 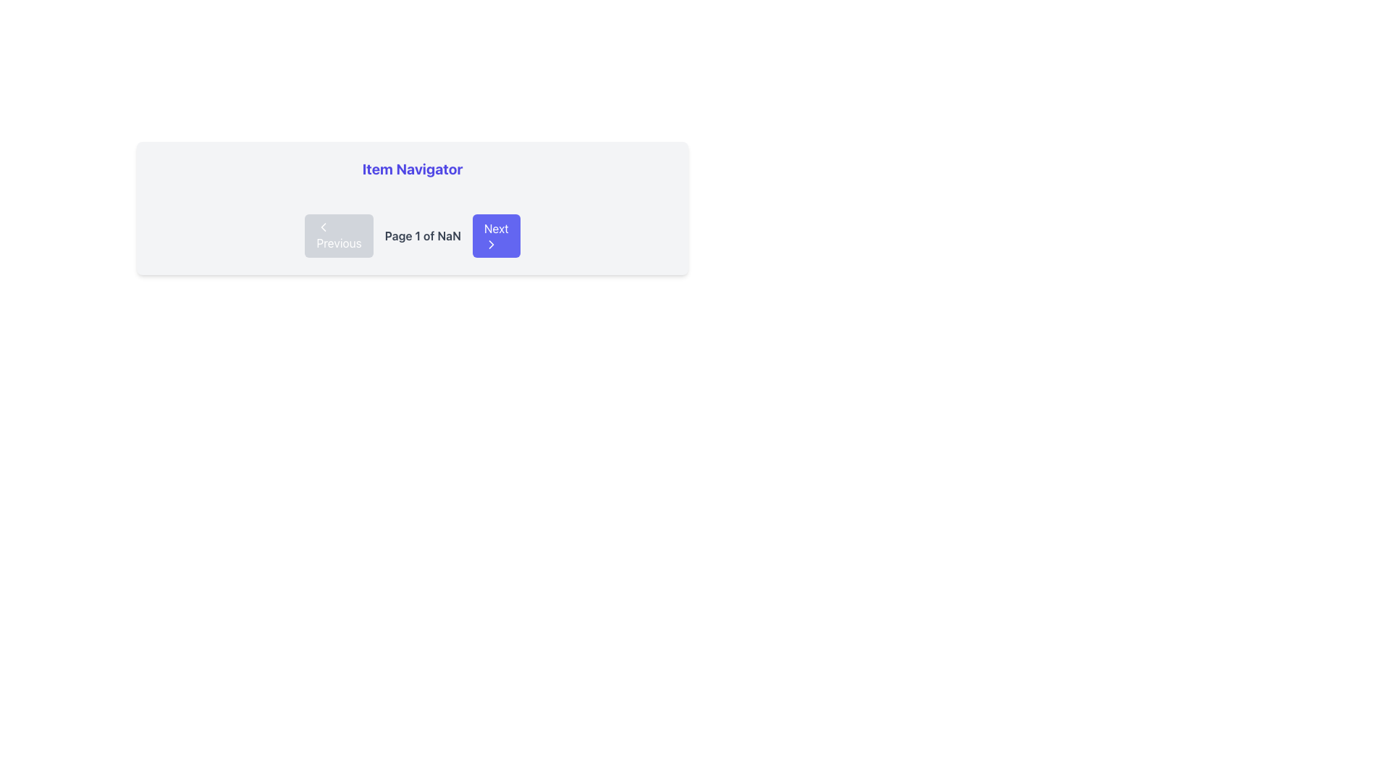 I want to click on the navigation button located to the right of the 'Page 1 of NaN' text label to proceed to the next page, so click(x=496, y=235).